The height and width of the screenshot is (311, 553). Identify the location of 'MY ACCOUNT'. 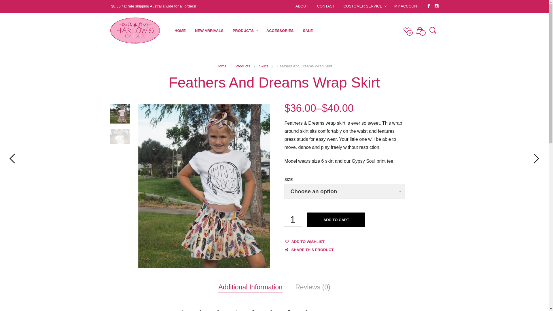
(406, 6).